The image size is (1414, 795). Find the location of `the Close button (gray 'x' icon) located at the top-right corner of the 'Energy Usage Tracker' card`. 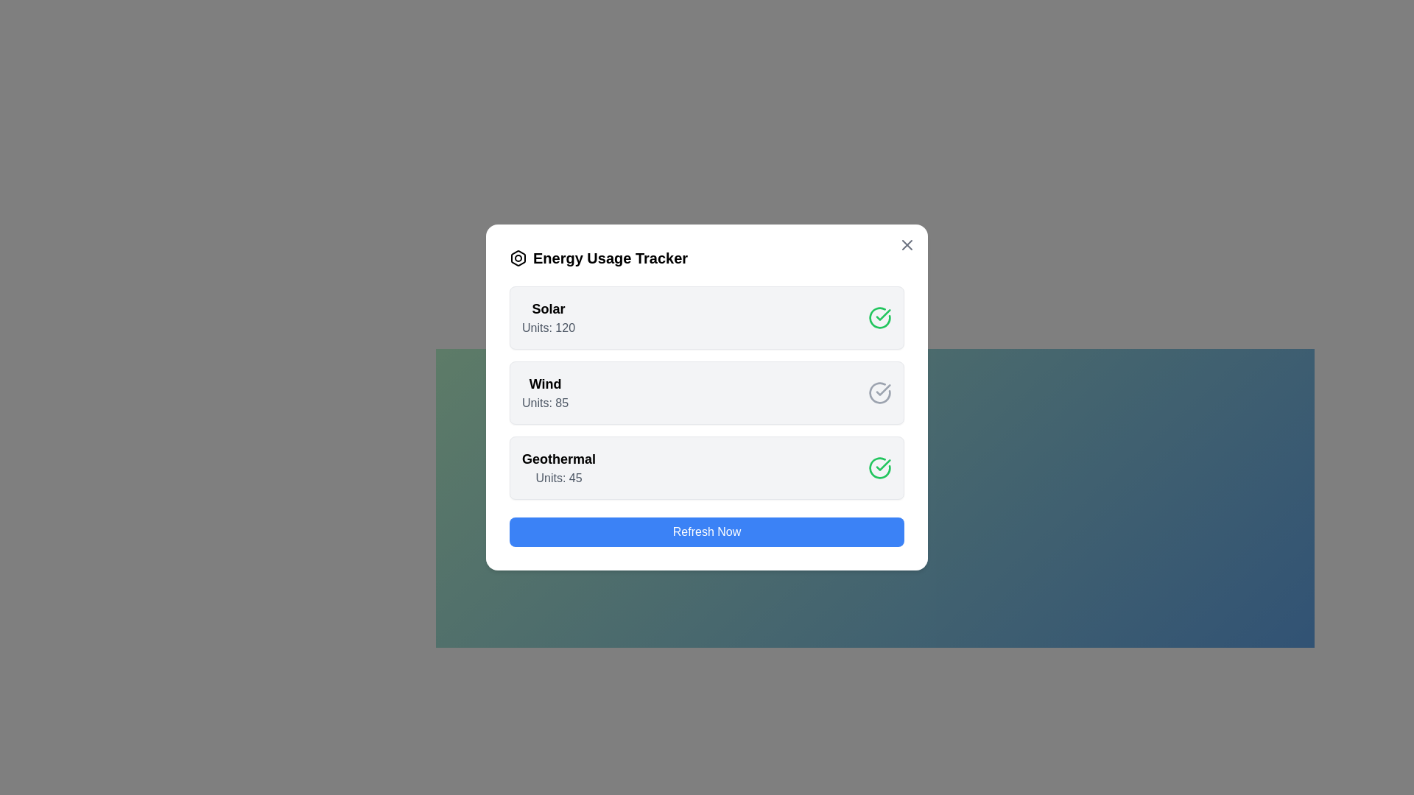

the Close button (gray 'x' icon) located at the top-right corner of the 'Energy Usage Tracker' card is located at coordinates (907, 244).